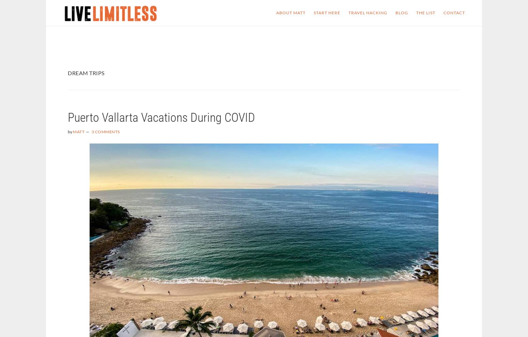  I want to click on 'About Matt', so click(276, 12).